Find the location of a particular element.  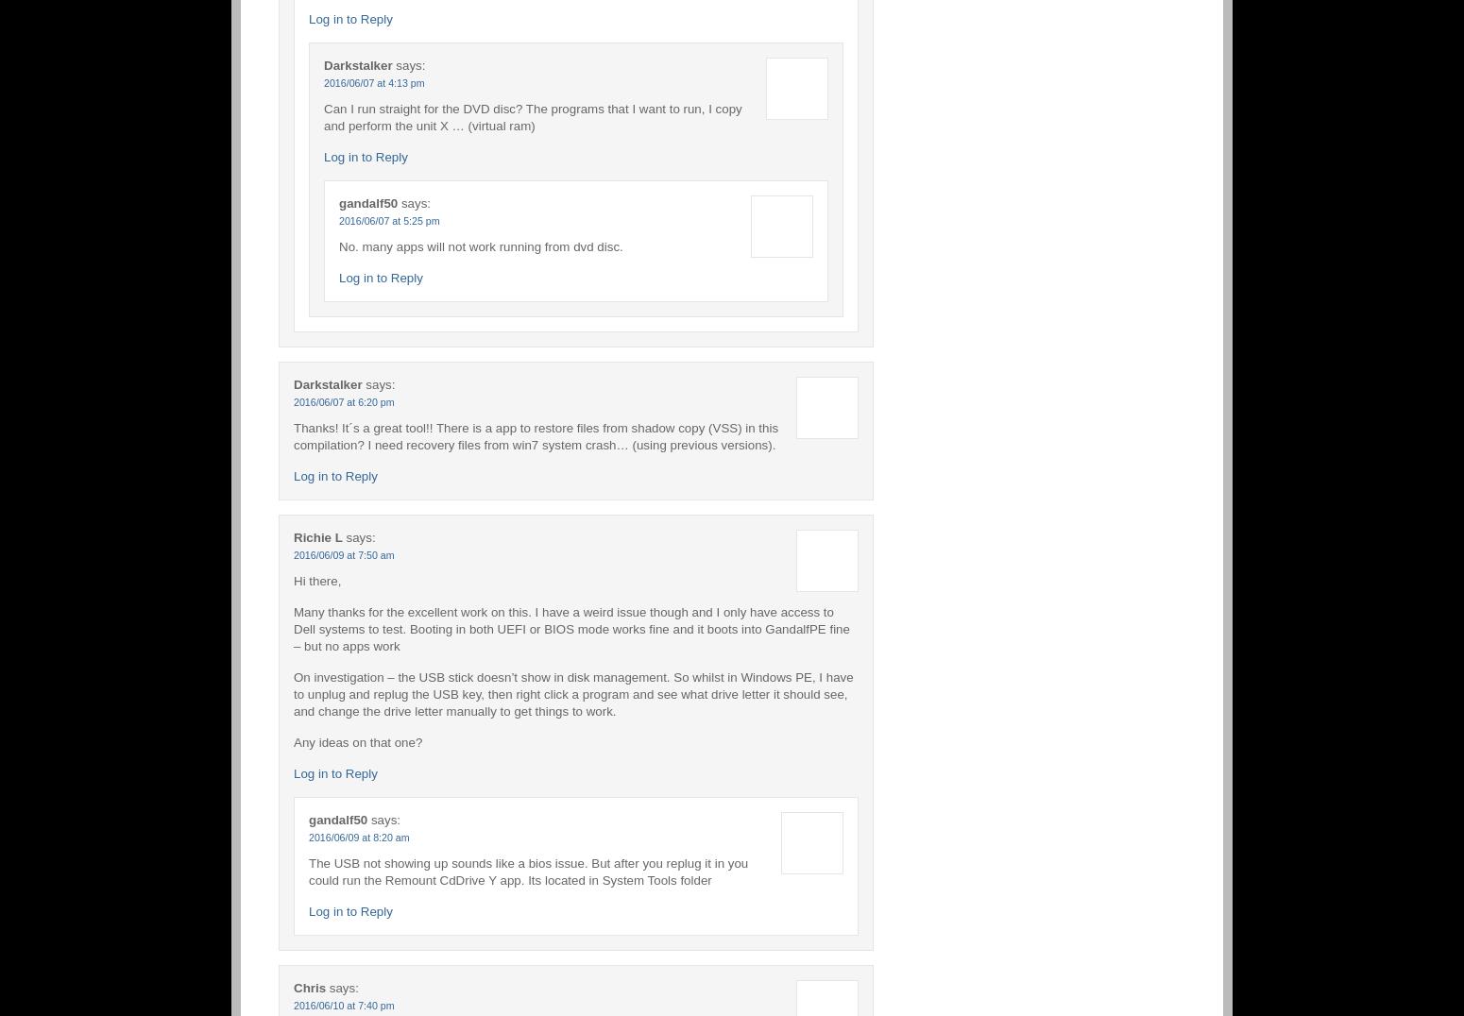

'Hi there,' is located at coordinates (316, 580).